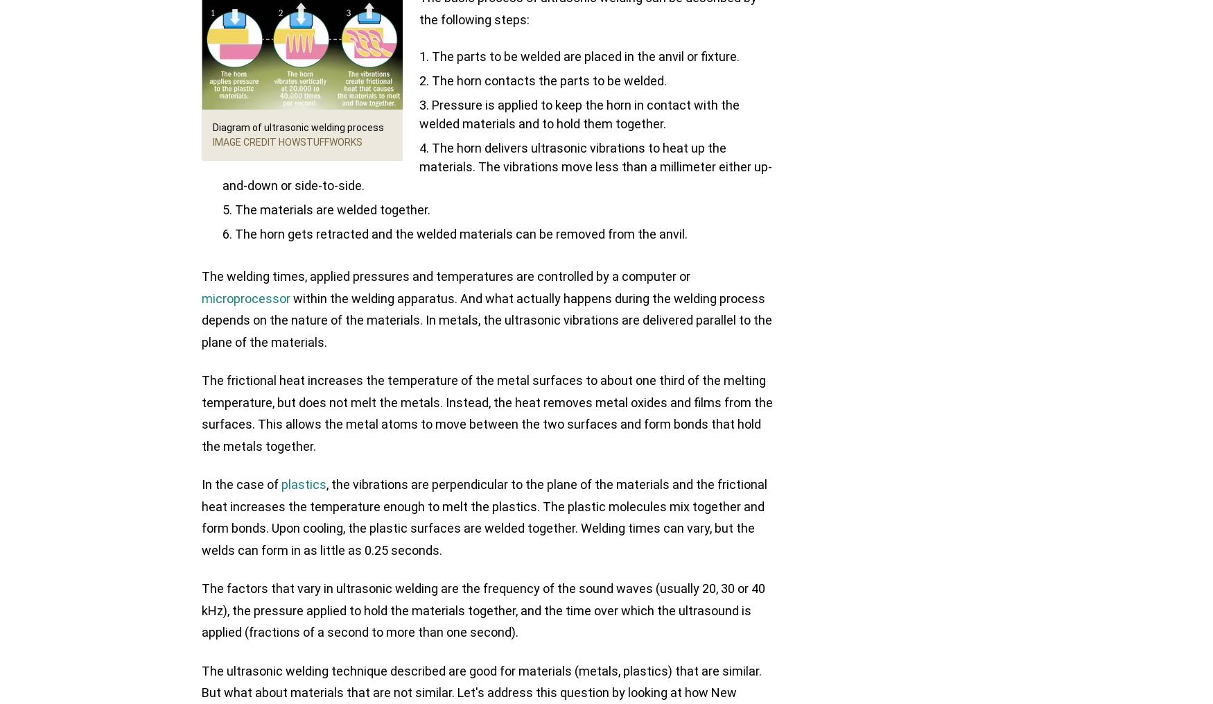  What do you see at coordinates (241, 484) in the screenshot?
I see `'In the case of'` at bounding box center [241, 484].